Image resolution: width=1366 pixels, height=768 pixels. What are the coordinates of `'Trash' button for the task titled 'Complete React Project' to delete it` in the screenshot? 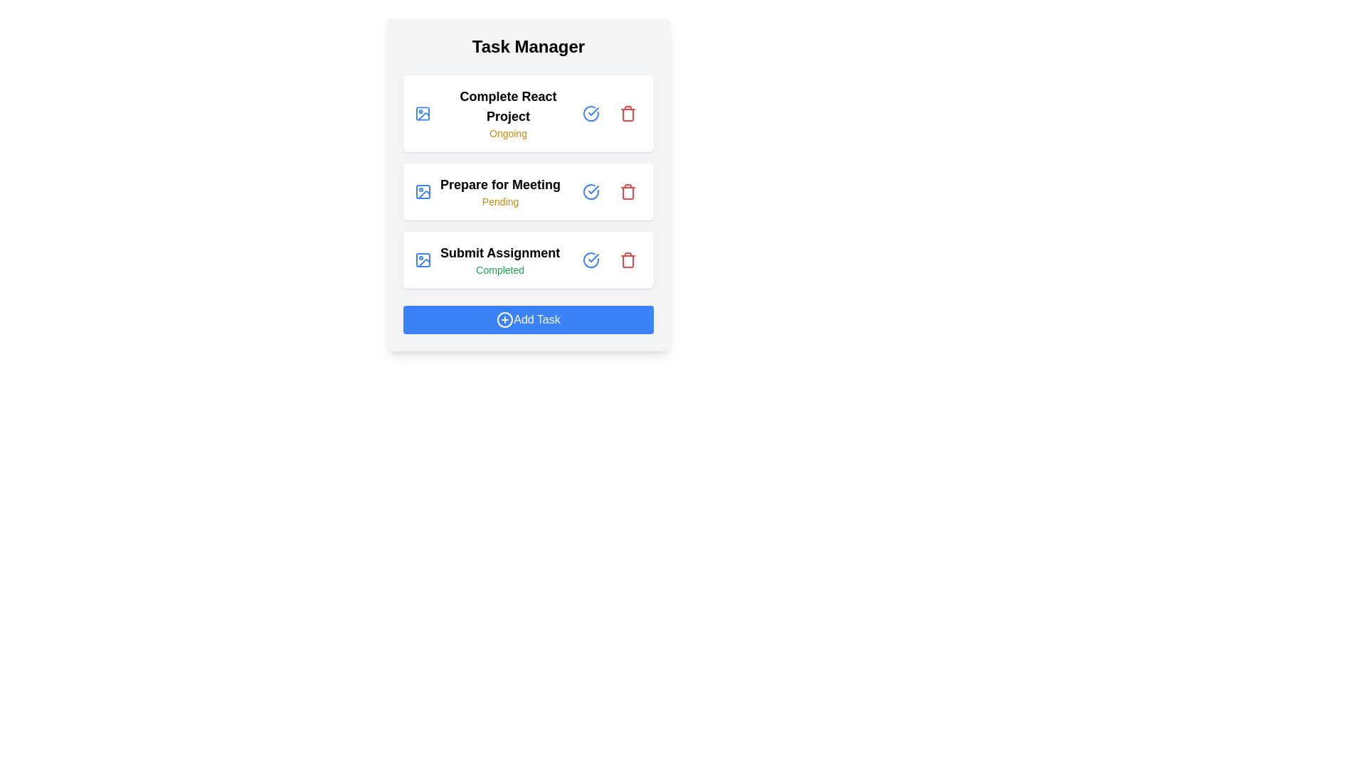 It's located at (628, 112).